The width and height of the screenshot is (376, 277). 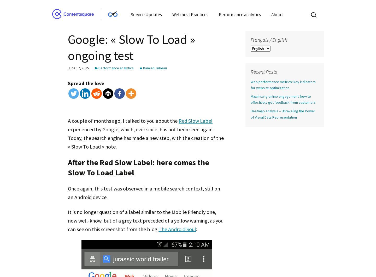 What do you see at coordinates (196, 229) in the screenshot?
I see `':'` at bounding box center [196, 229].